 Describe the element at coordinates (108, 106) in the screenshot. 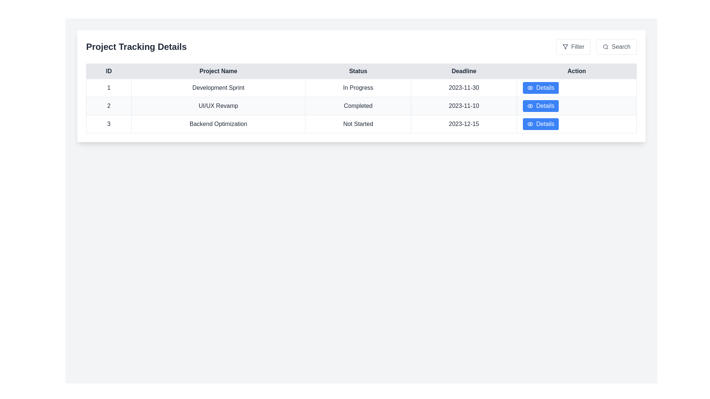

I see `the static text label displaying the number '2', which is located in the first column of the second row within the 'Project Tracking Details' table, identifying the 'UI/UX Revamp' project` at that location.